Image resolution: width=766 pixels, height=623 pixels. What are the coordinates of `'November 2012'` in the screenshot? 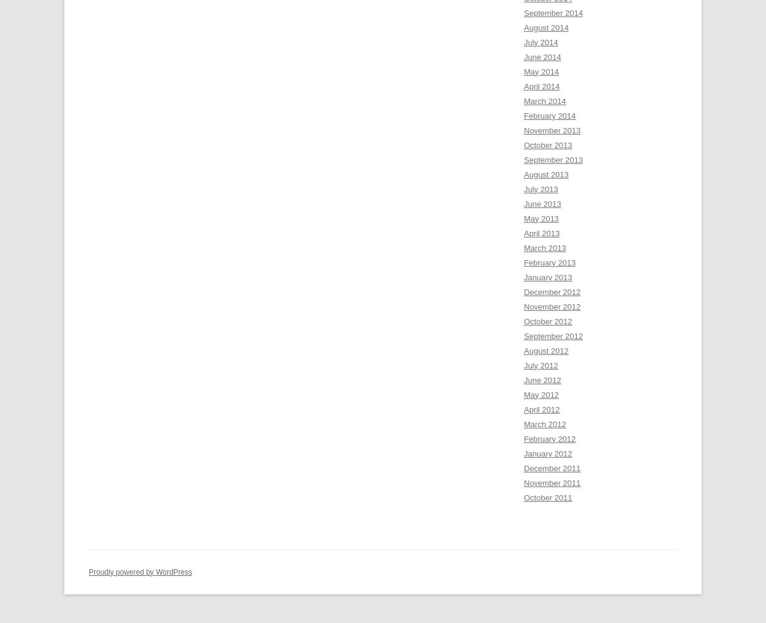 It's located at (552, 306).